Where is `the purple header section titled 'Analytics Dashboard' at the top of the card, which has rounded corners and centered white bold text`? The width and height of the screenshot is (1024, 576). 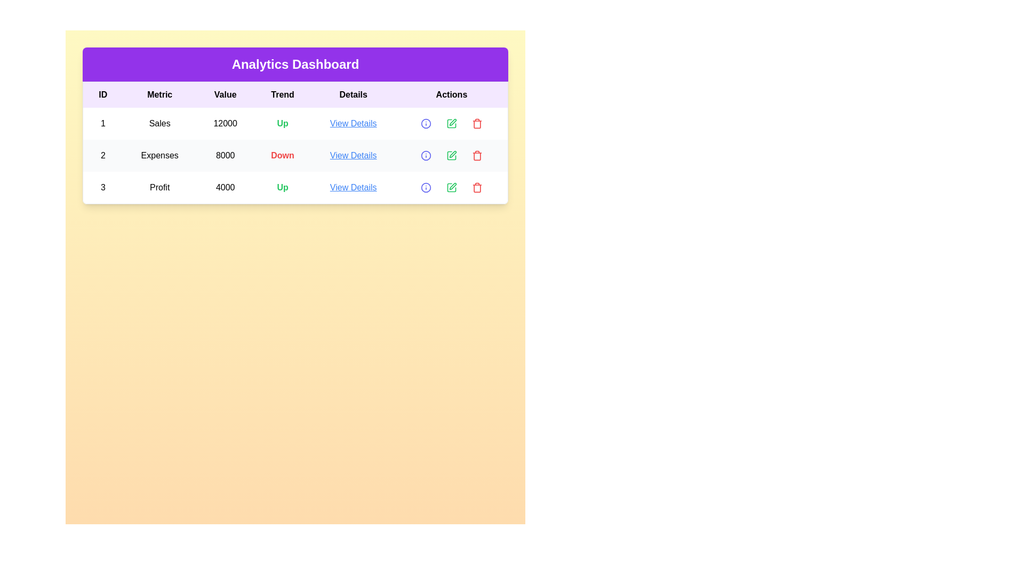 the purple header section titled 'Analytics Dashboard' at the top of the card, which has rounded corners and centered white bold text is located at coordinates (295, 64).